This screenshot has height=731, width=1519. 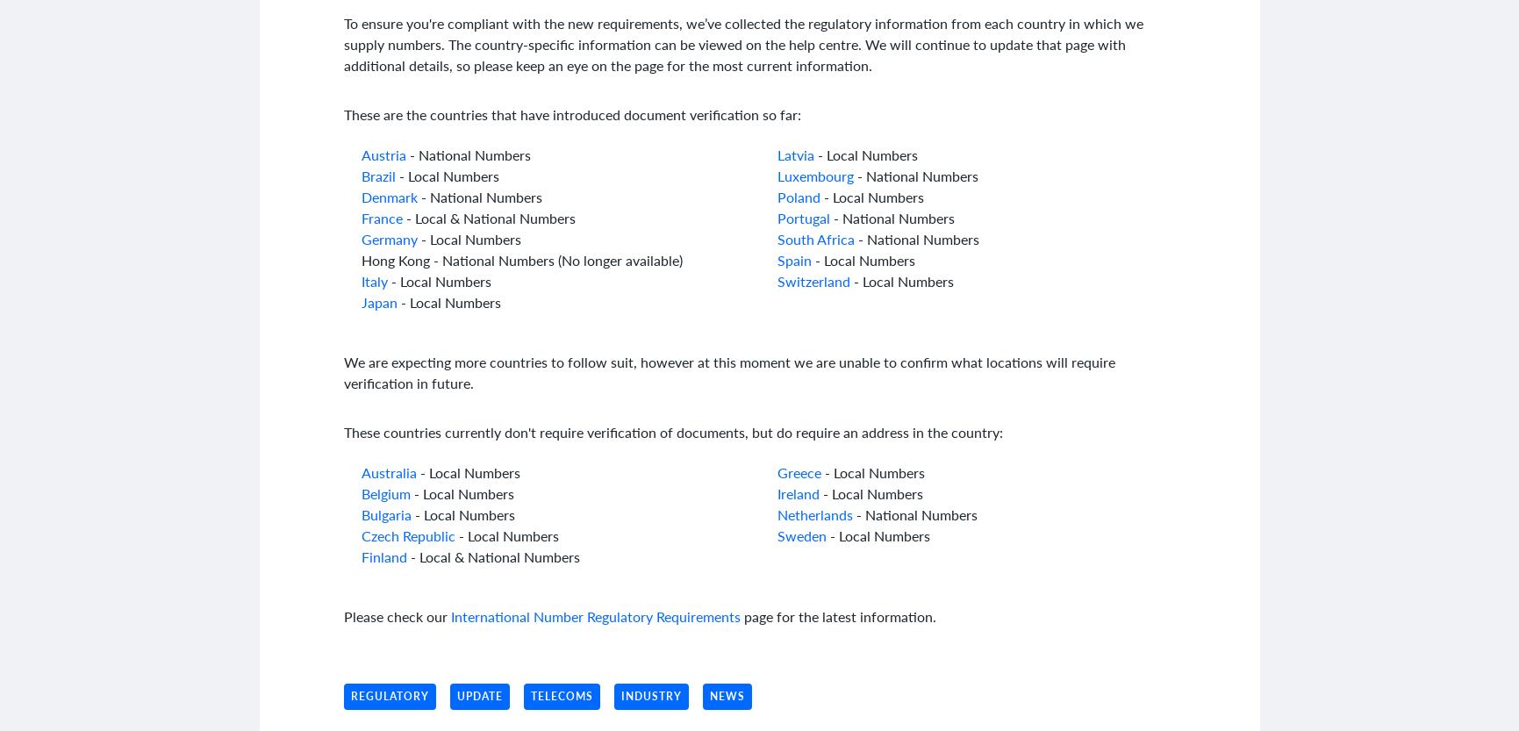 I want to click on 'Poland', so click(x=797, y=196).